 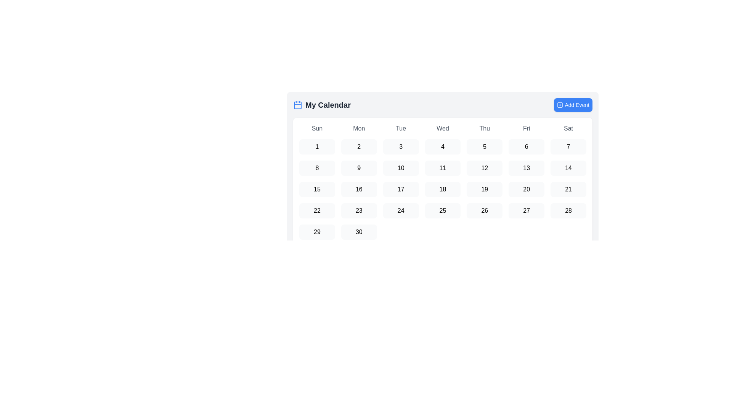 What do you see at coordinates (568, 168) in the screenshot?
I see `the Calendar day cell displaying '14' located in the last column (Saturday) of the second row, beneath the header 'Sat', to change its background color` at bounding box center [568, 168].